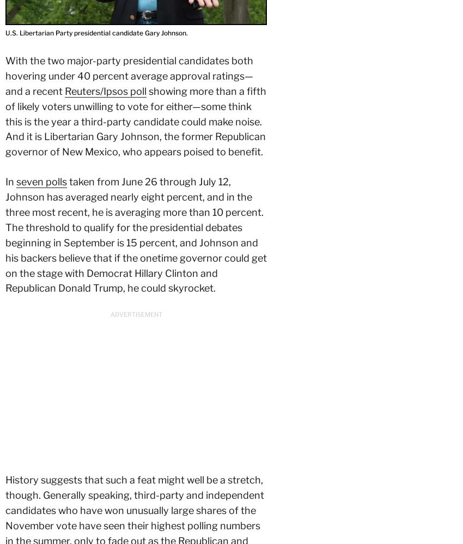 Image resolution: width=463 pixels, height=544 pixels. I want to click on 'Contact', so click(19, 472).